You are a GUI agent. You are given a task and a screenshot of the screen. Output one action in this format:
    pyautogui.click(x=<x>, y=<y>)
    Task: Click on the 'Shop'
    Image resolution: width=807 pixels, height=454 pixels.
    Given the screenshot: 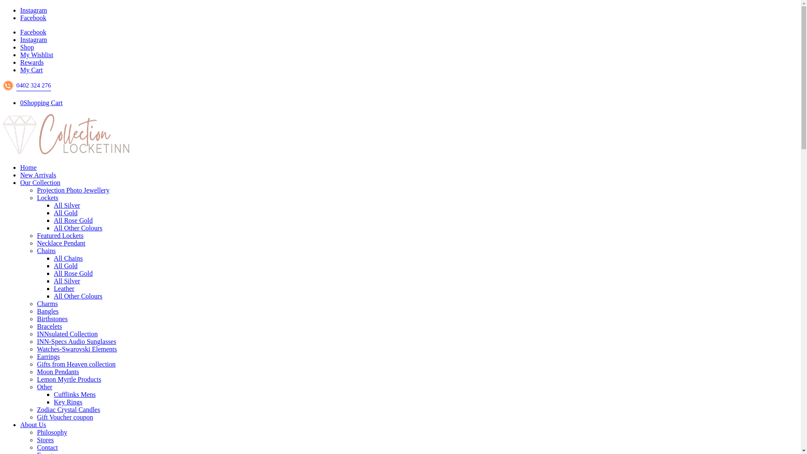 What is the action you would take?
    pyautogui.click(x=20, y=47)
    